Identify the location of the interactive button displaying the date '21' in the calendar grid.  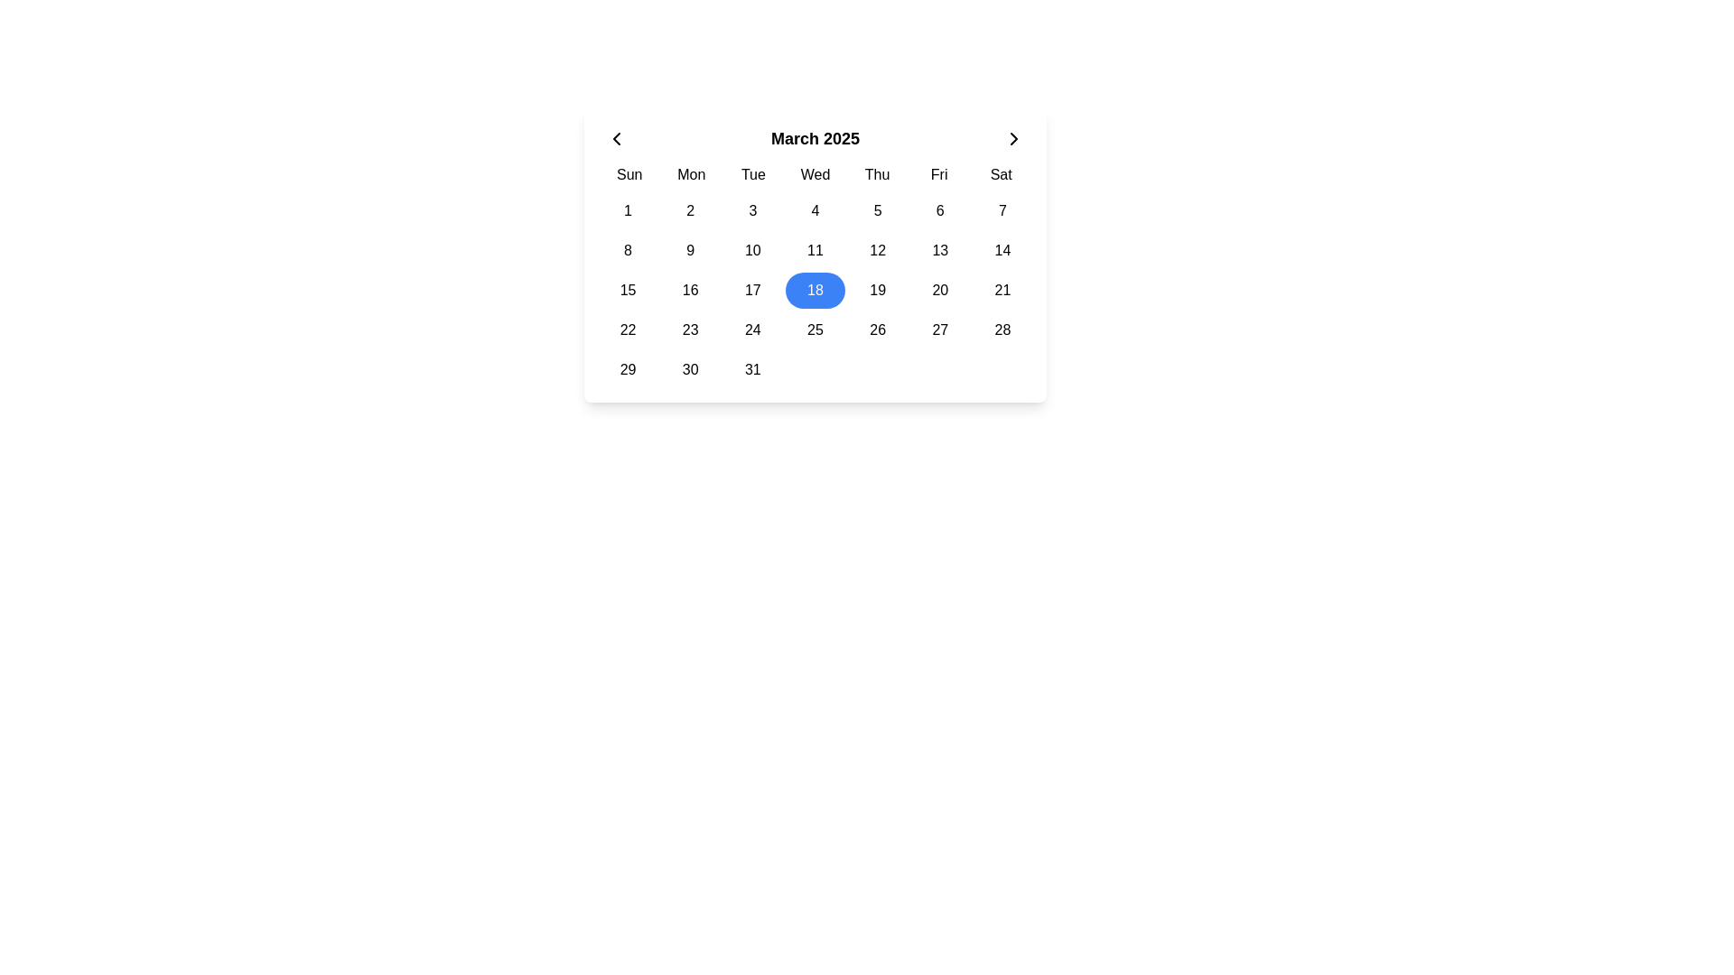
(1002, 289).